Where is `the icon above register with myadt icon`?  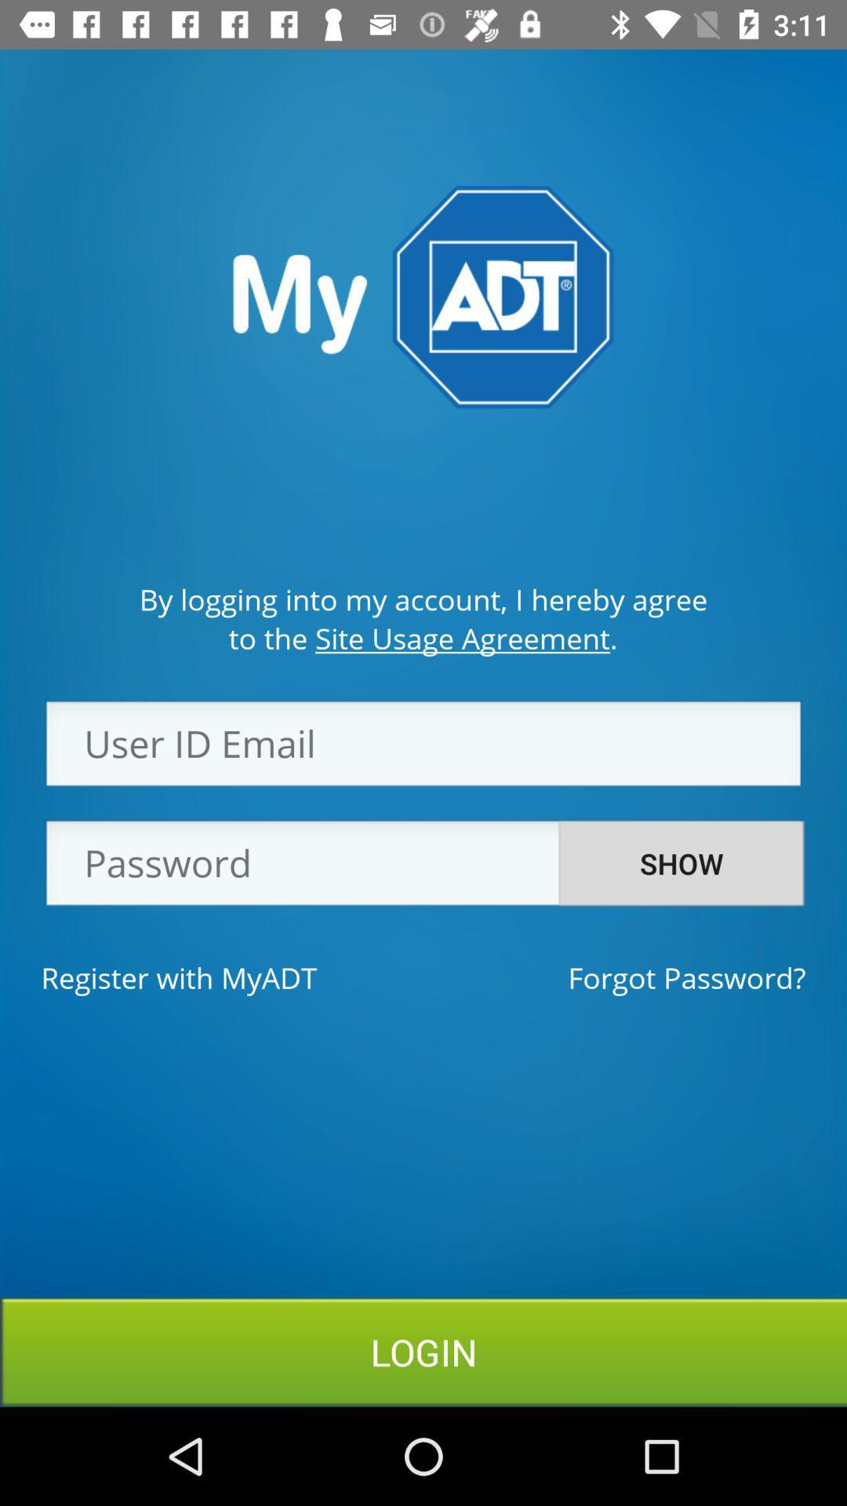 the icon above register with myadt icon is located at coordinates (423, 867).